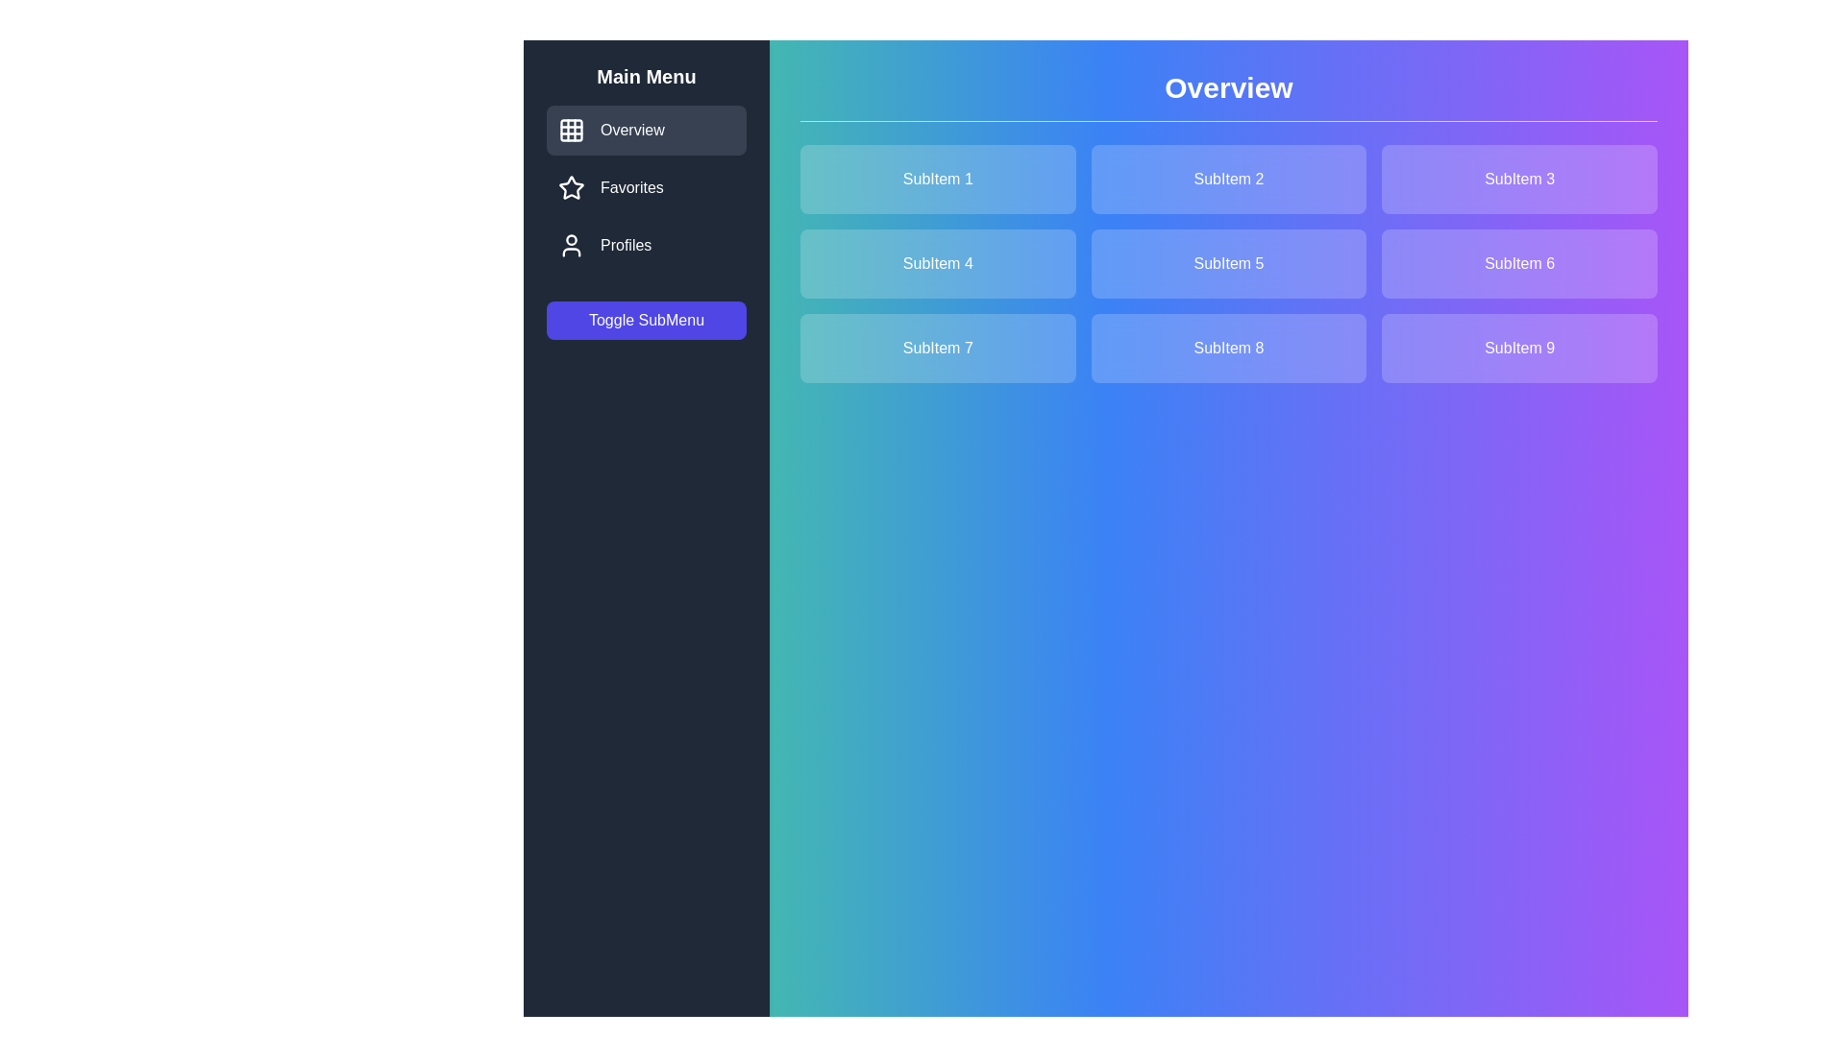 The image size is (1845, 1037). What do you see at coordinates (646, 244) in the screenshot?
I see `the menu item labeled Profiles to observe the hover effect` at bounding box center [646, 244].